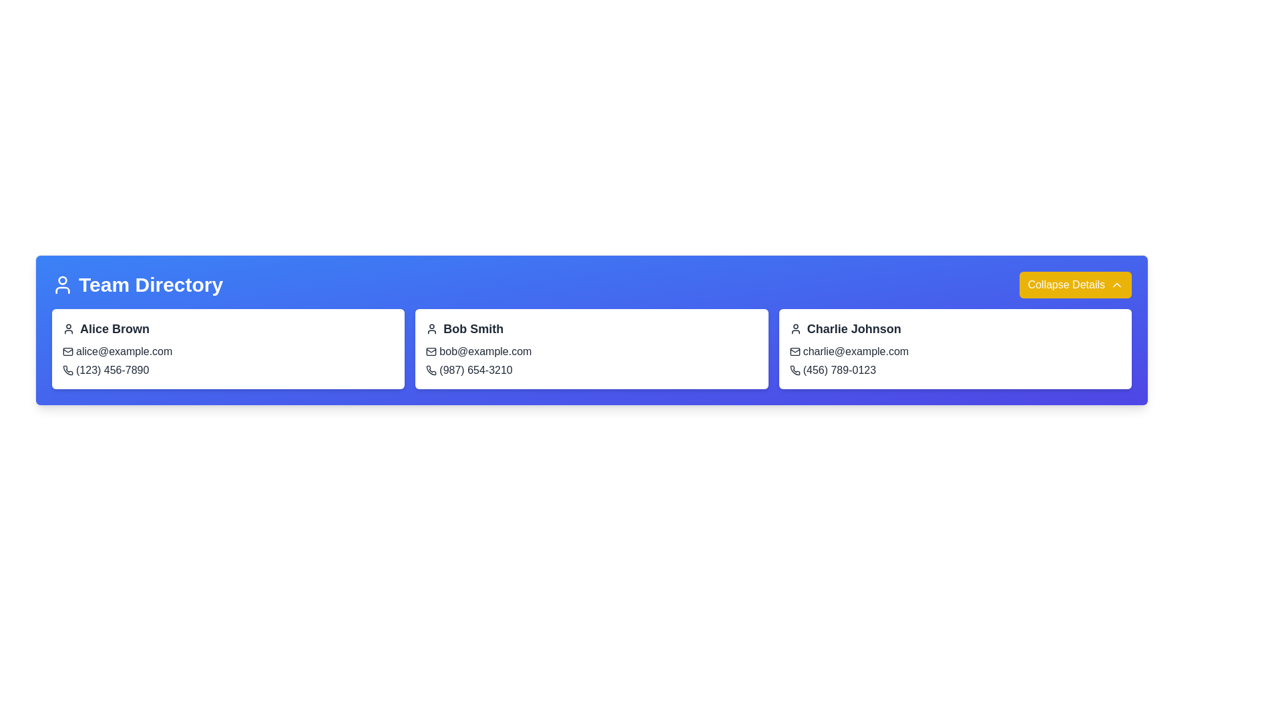 Image resolution: width=1282 pixels, height=721 pixels. Describe the element at coordinates (469, 371) in the screenshot. I see `the text element representing the phone number '(987) 654-3210' with an adjacent phone icon, located in the second column under 'Bob Smith' and below 'bob@example.com'` at that location.